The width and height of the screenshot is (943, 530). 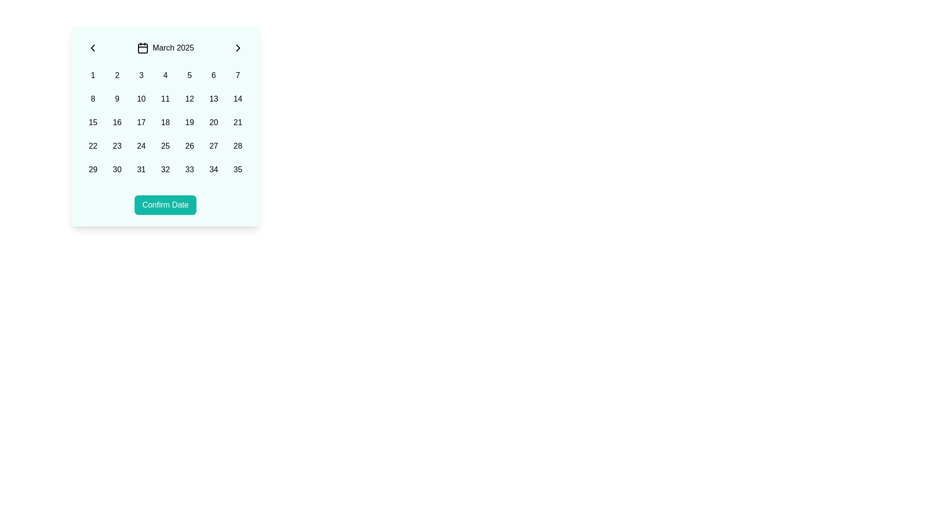 I want to click on the leftmost button in the calendar header that navigates to the previous month, so click(x=92, y=48).